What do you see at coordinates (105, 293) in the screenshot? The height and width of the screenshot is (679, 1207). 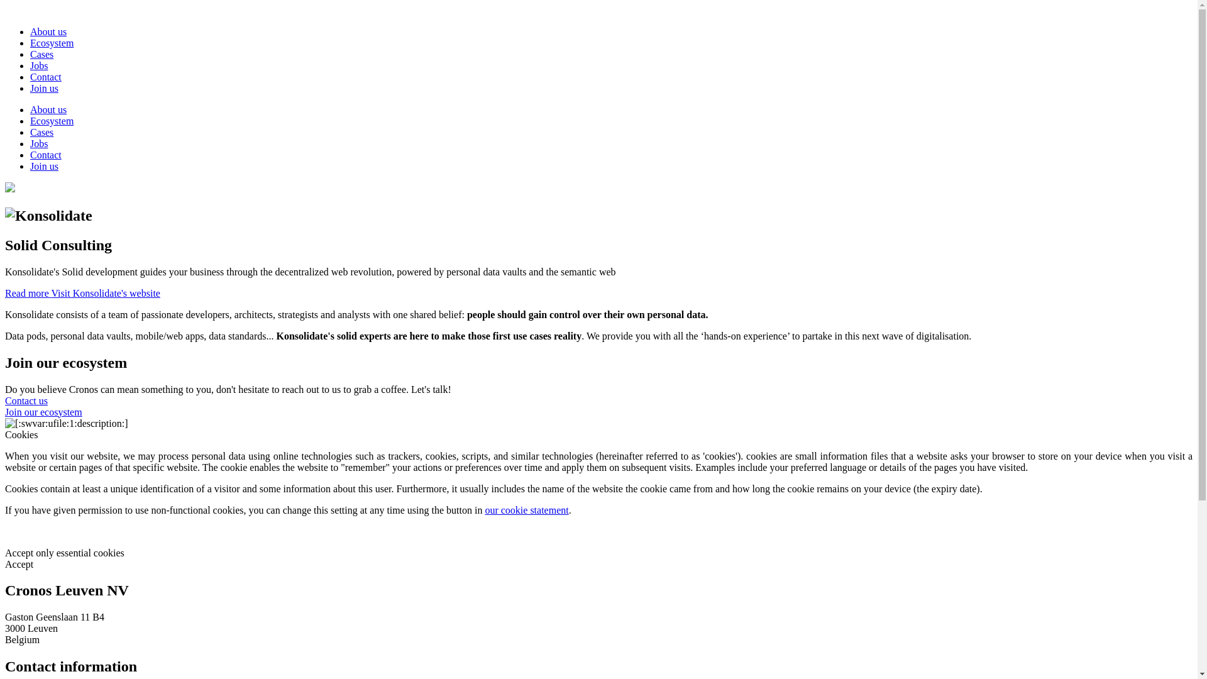 I see `'Visit Konsolidate's website'` at bounding box center [105, 293].